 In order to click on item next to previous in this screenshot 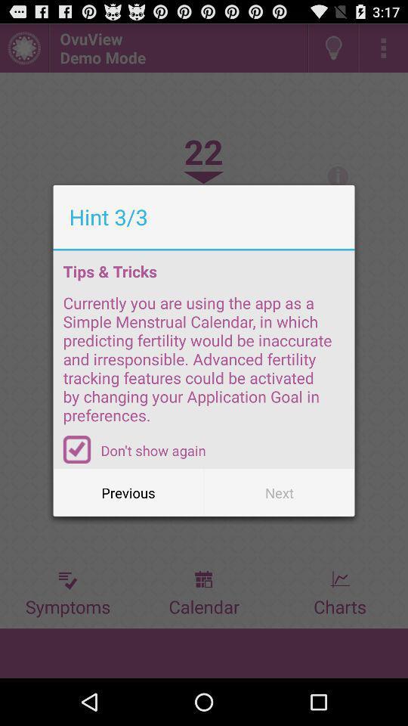, I will do `click(278, 492)`.